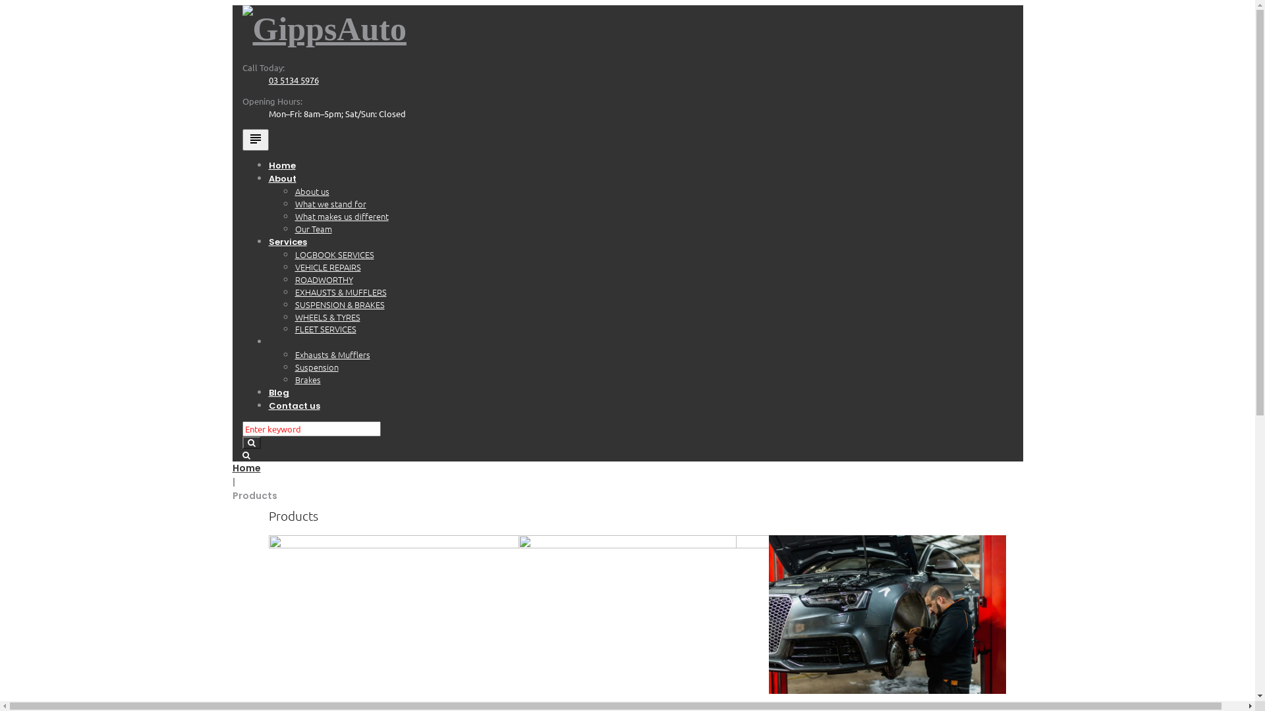  What do you see at coordinates (278, 392) in the screenshot?
I see `'Blog'` at bounding box center [278, 392].